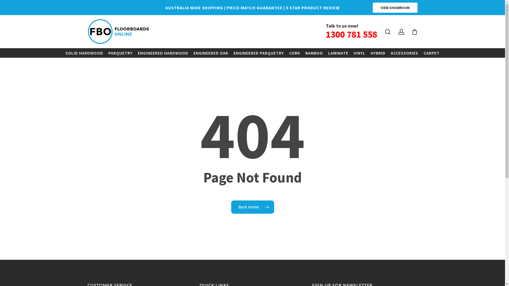 The image size is (509, 286). Describe the element at coordinates (191, 53) in the screenshot. I see `'ENGINEERED OAK'` at that location.